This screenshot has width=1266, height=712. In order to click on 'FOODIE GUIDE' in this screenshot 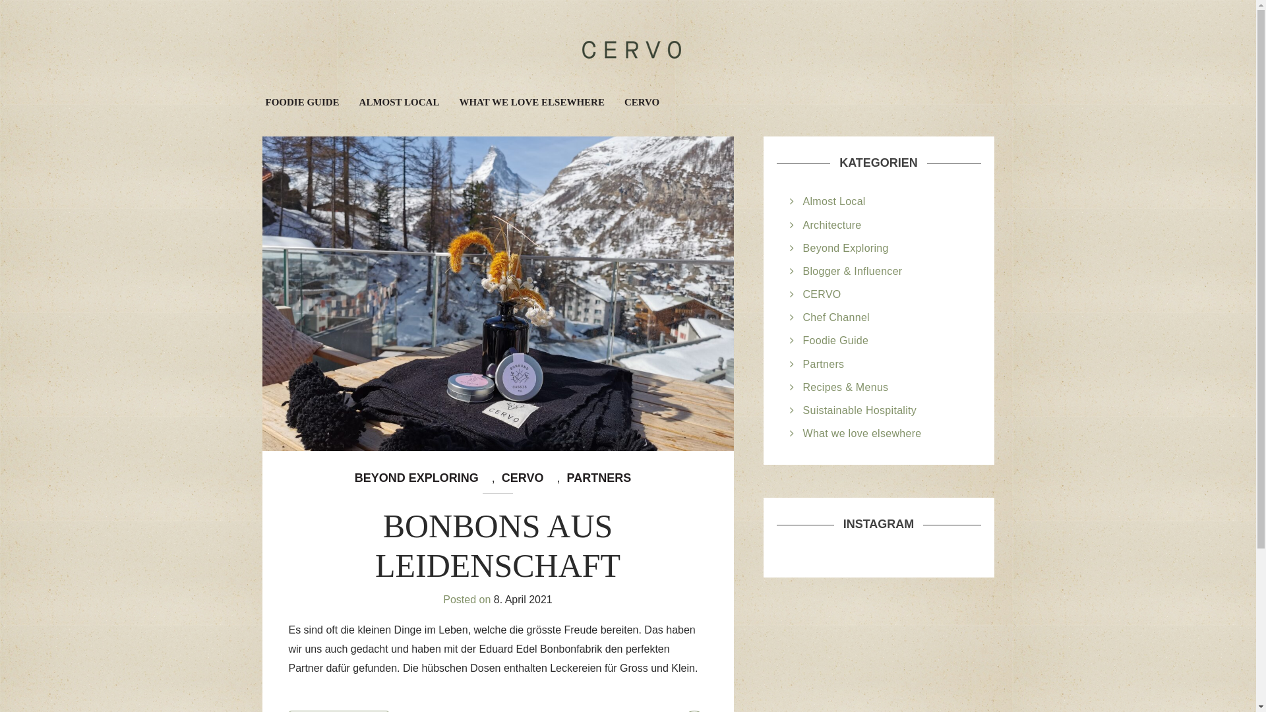, I will do `click(262, 101)`.